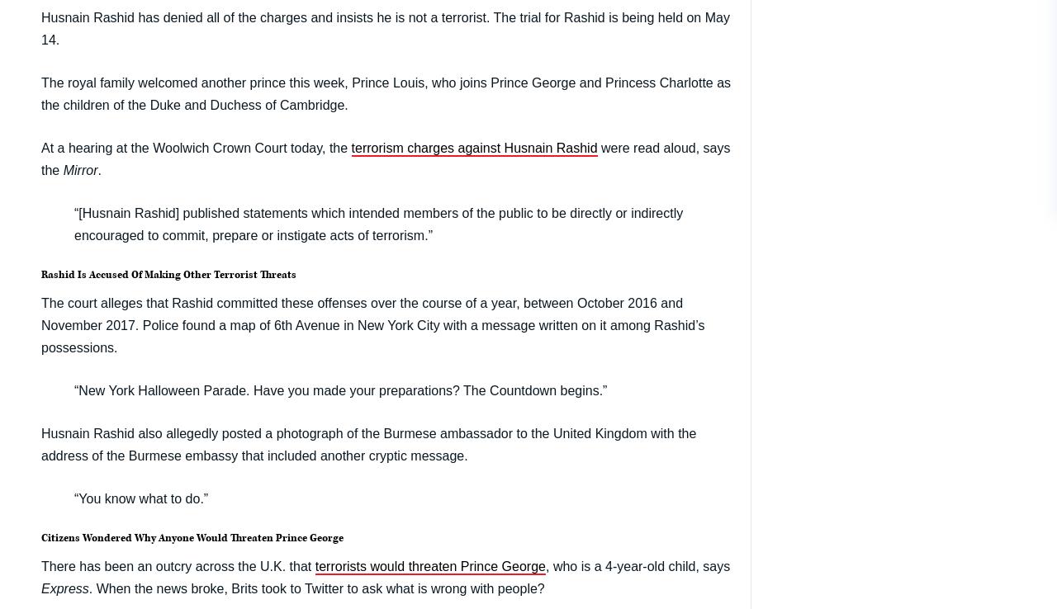 The image size is (1057, 609). What do you see at coordinates (178, 564) in the screenshot?
I see `'There has been an outcry across the U.K. that'` at bounding box center [178, 564].